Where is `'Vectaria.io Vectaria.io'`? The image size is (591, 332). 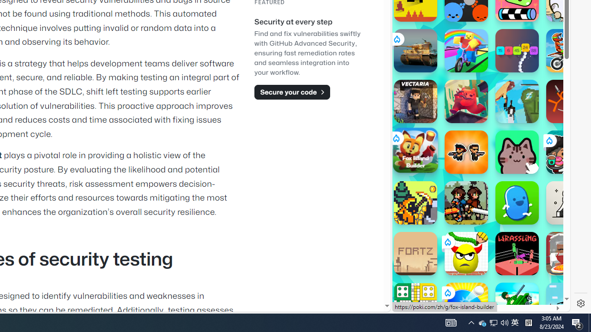
'Vectaria.io Vectaria.io' is located at coordinates (415, 101).